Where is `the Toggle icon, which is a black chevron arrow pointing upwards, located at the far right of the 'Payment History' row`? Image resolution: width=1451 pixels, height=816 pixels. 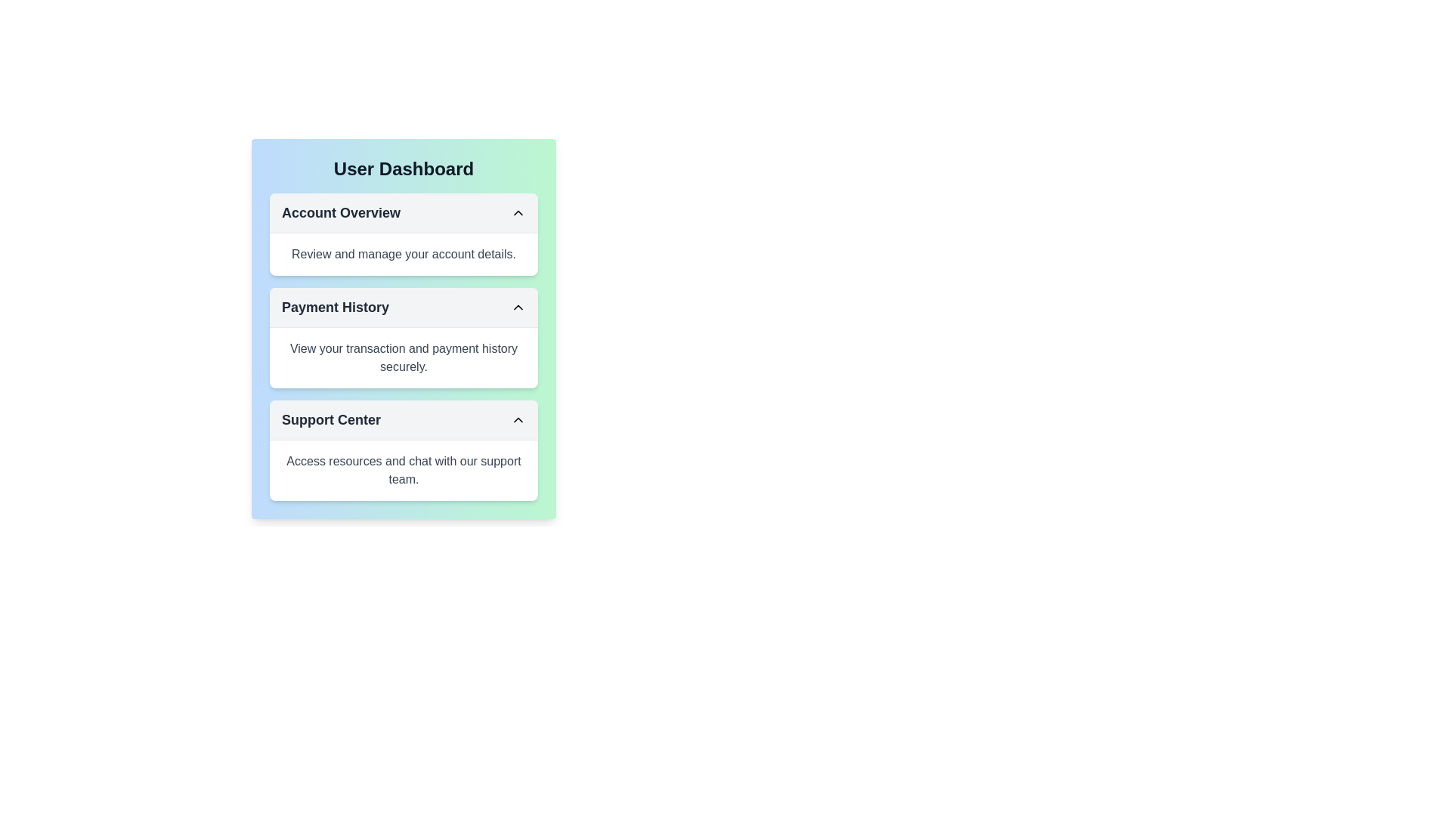
the Toggle icon, which is a black chevron arrow pointing upwards, located at the far right of the 'Payment History' row is located at coordinates (518, 307).